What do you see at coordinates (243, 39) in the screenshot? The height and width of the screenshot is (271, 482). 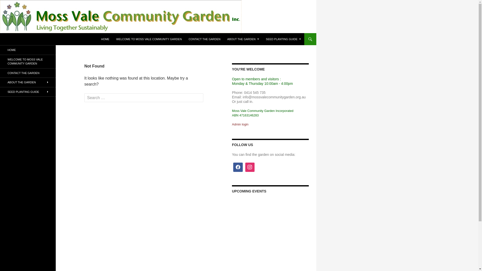 I see `'ABOUT THE GARDEN'` at bounding box center [243, 39].